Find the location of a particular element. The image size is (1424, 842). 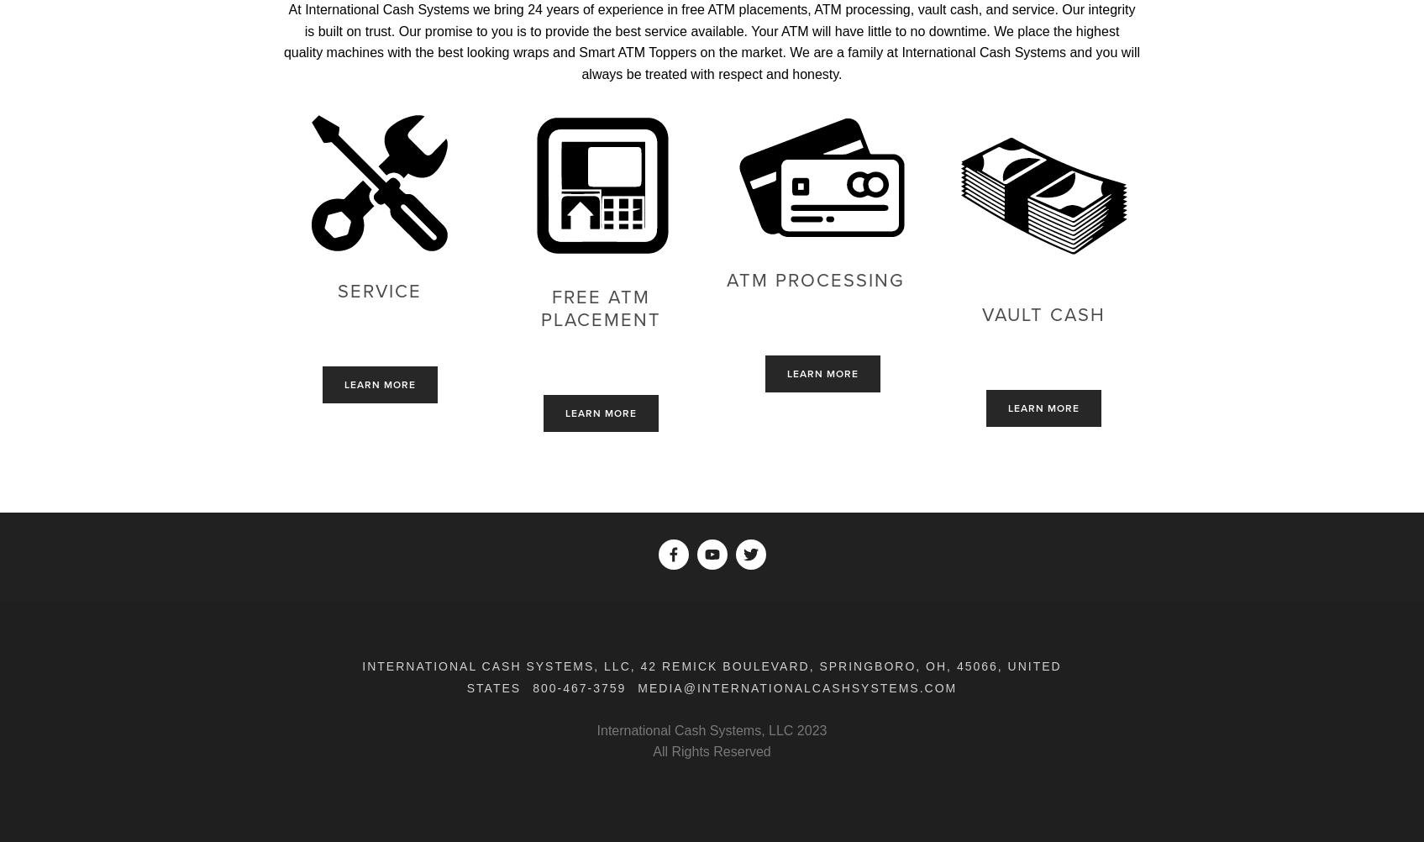

'vault cash' is located at coordinates (1043, 314).